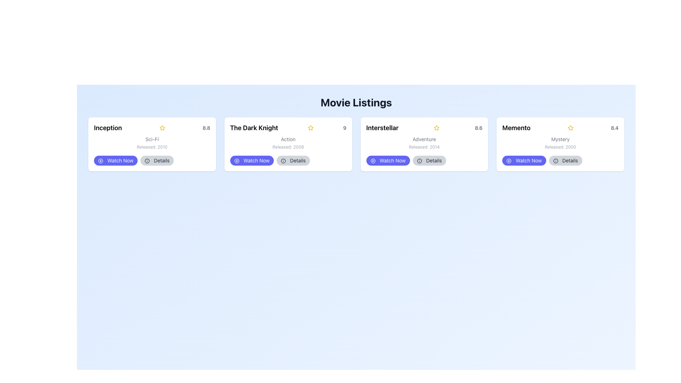 The image size is (681, 383). Describe the element at coordinates (424, 139) in the screenshot. I see `the text label displaying the word 'Adventure' in gray color, positioned below the title 'Interstellar' in the movie card` at that location.